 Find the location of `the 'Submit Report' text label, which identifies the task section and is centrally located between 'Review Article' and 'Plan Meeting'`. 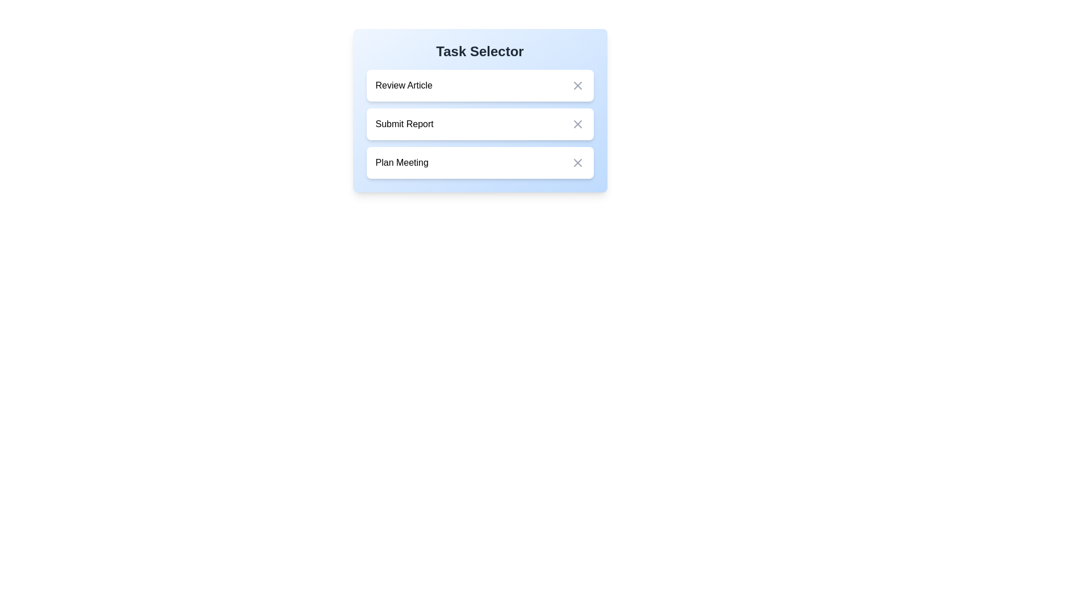

the 'Submit Report' text label, which identifies the task section and is centrally located between 'Review Article' and 'Plan Meeting' is located at coordinates (404, 124).